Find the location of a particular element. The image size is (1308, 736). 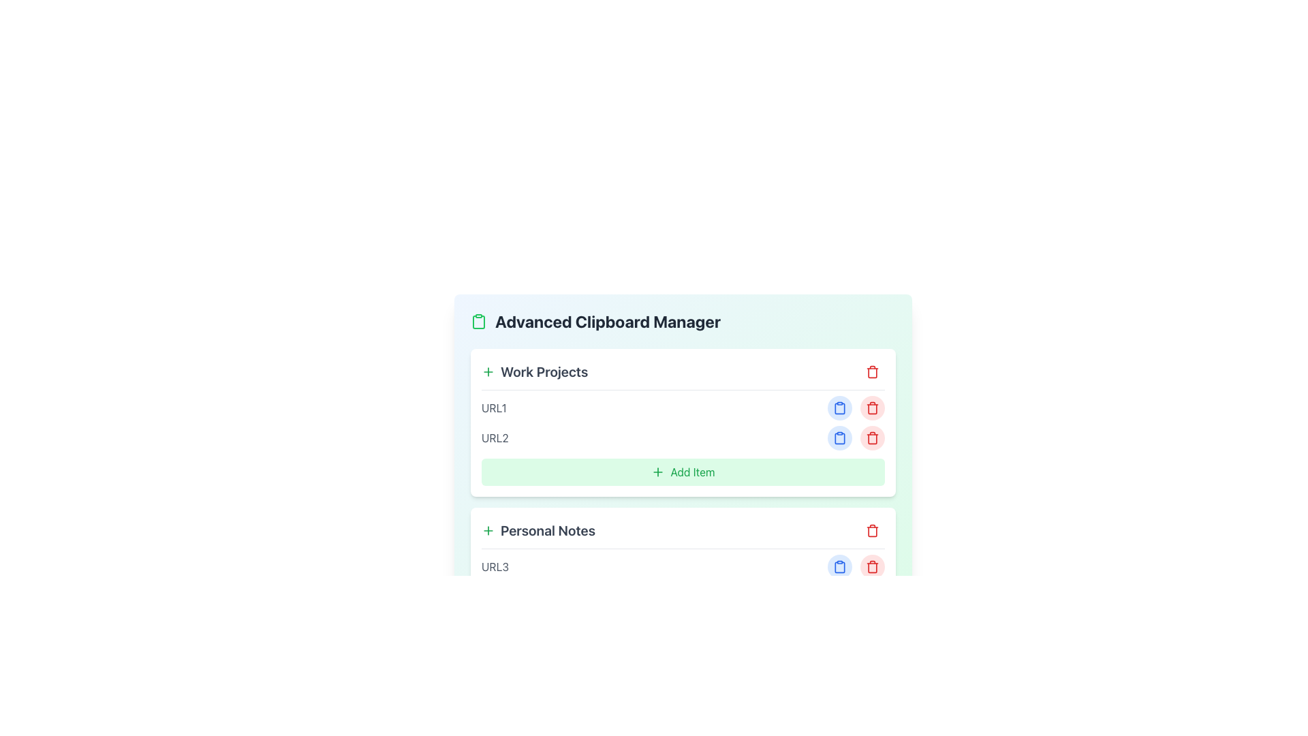

the red trash icon within the 'Delete Group' button in the 'Work Projects' section is located at coordinates (873, 372).